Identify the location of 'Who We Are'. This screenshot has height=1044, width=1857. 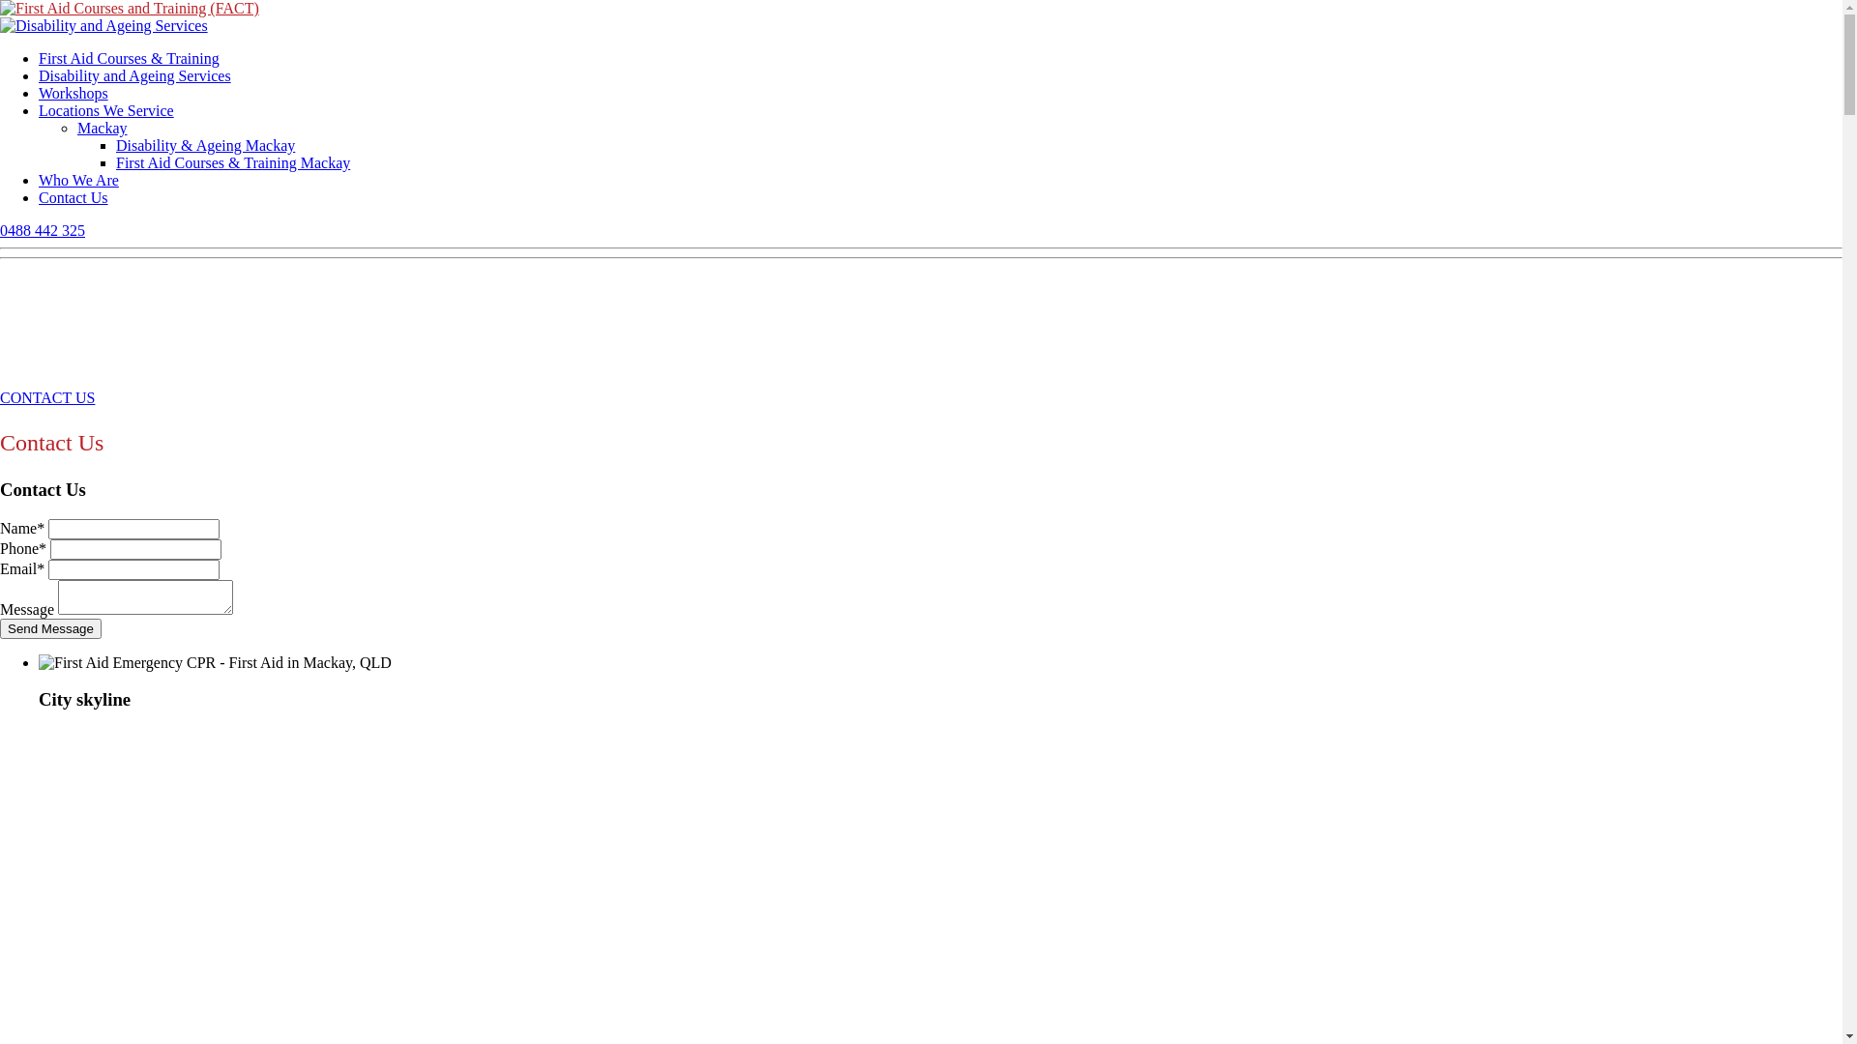
(77, 180).